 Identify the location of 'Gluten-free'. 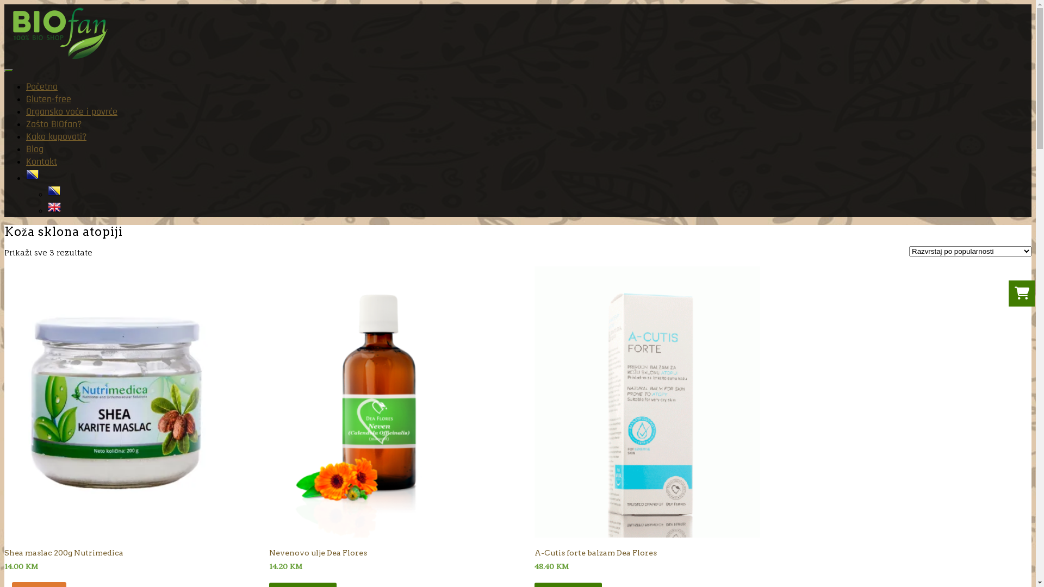
(26, 99).